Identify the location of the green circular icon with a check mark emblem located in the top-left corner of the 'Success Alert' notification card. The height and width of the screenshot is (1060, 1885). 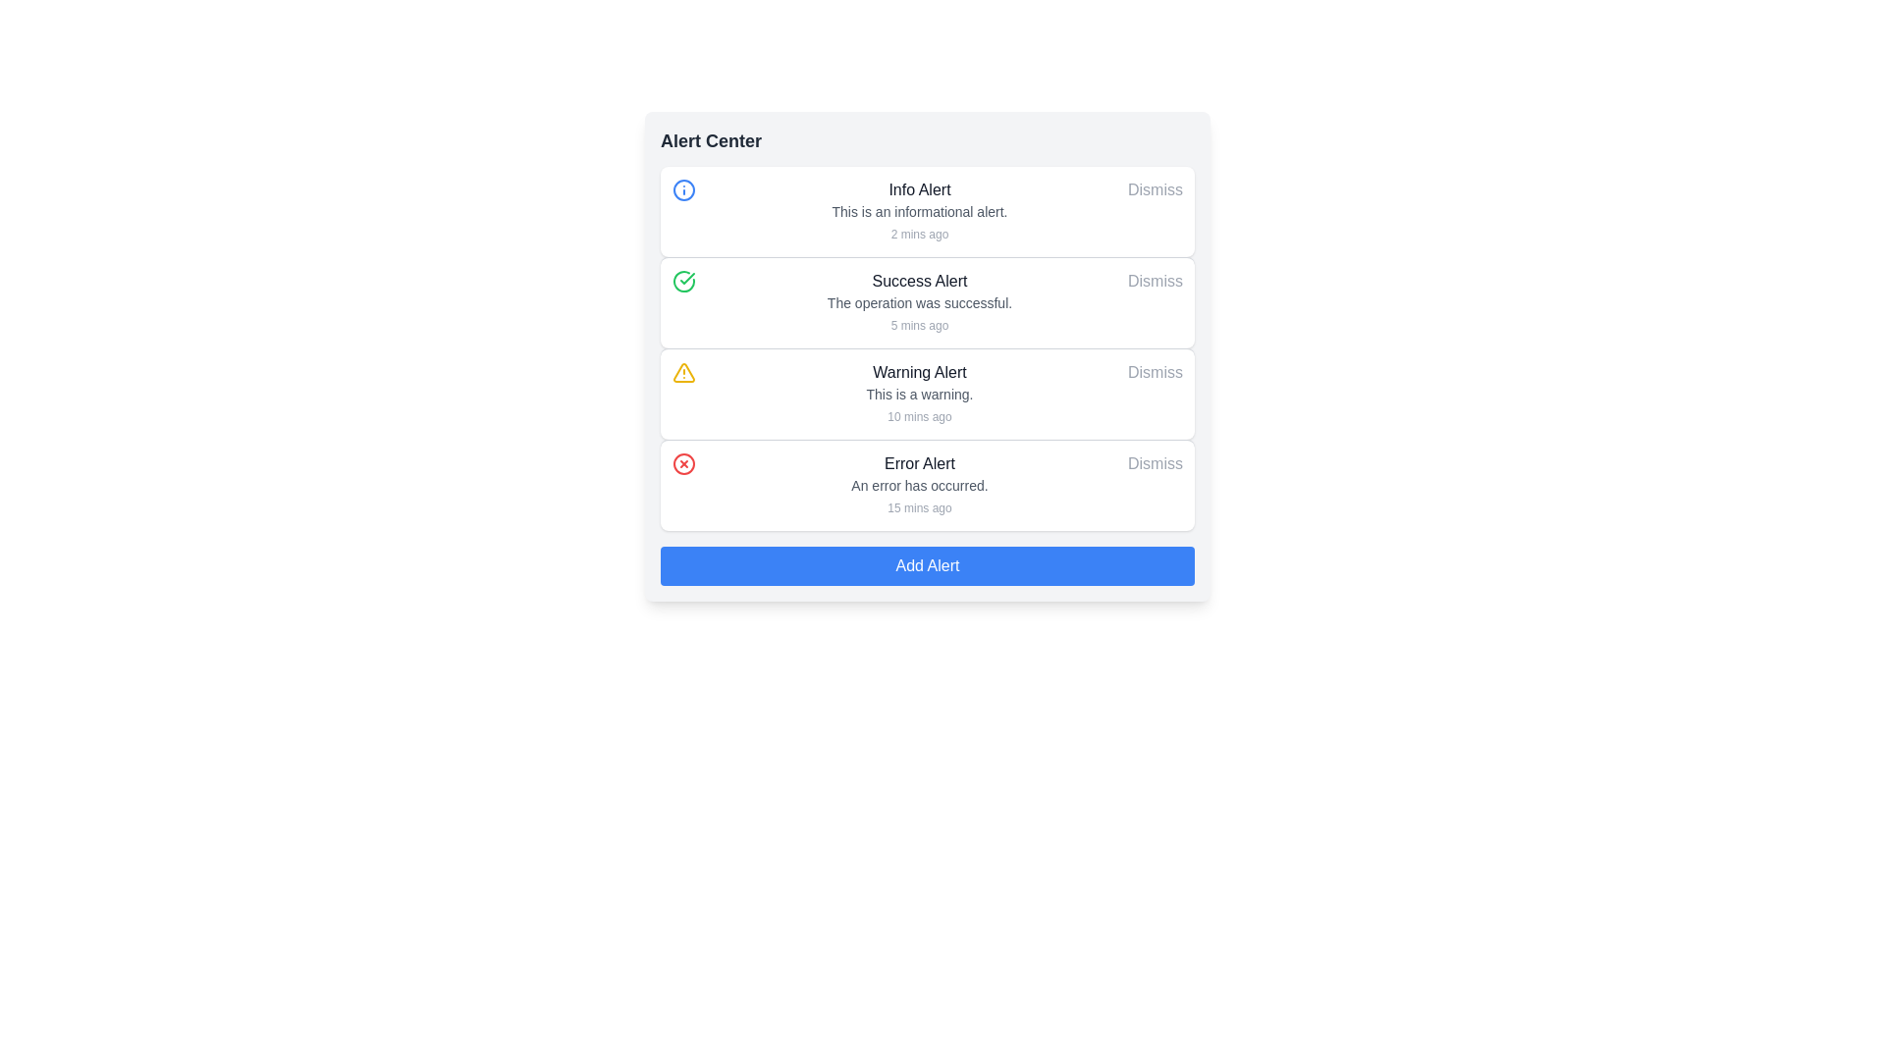
(683, 281).